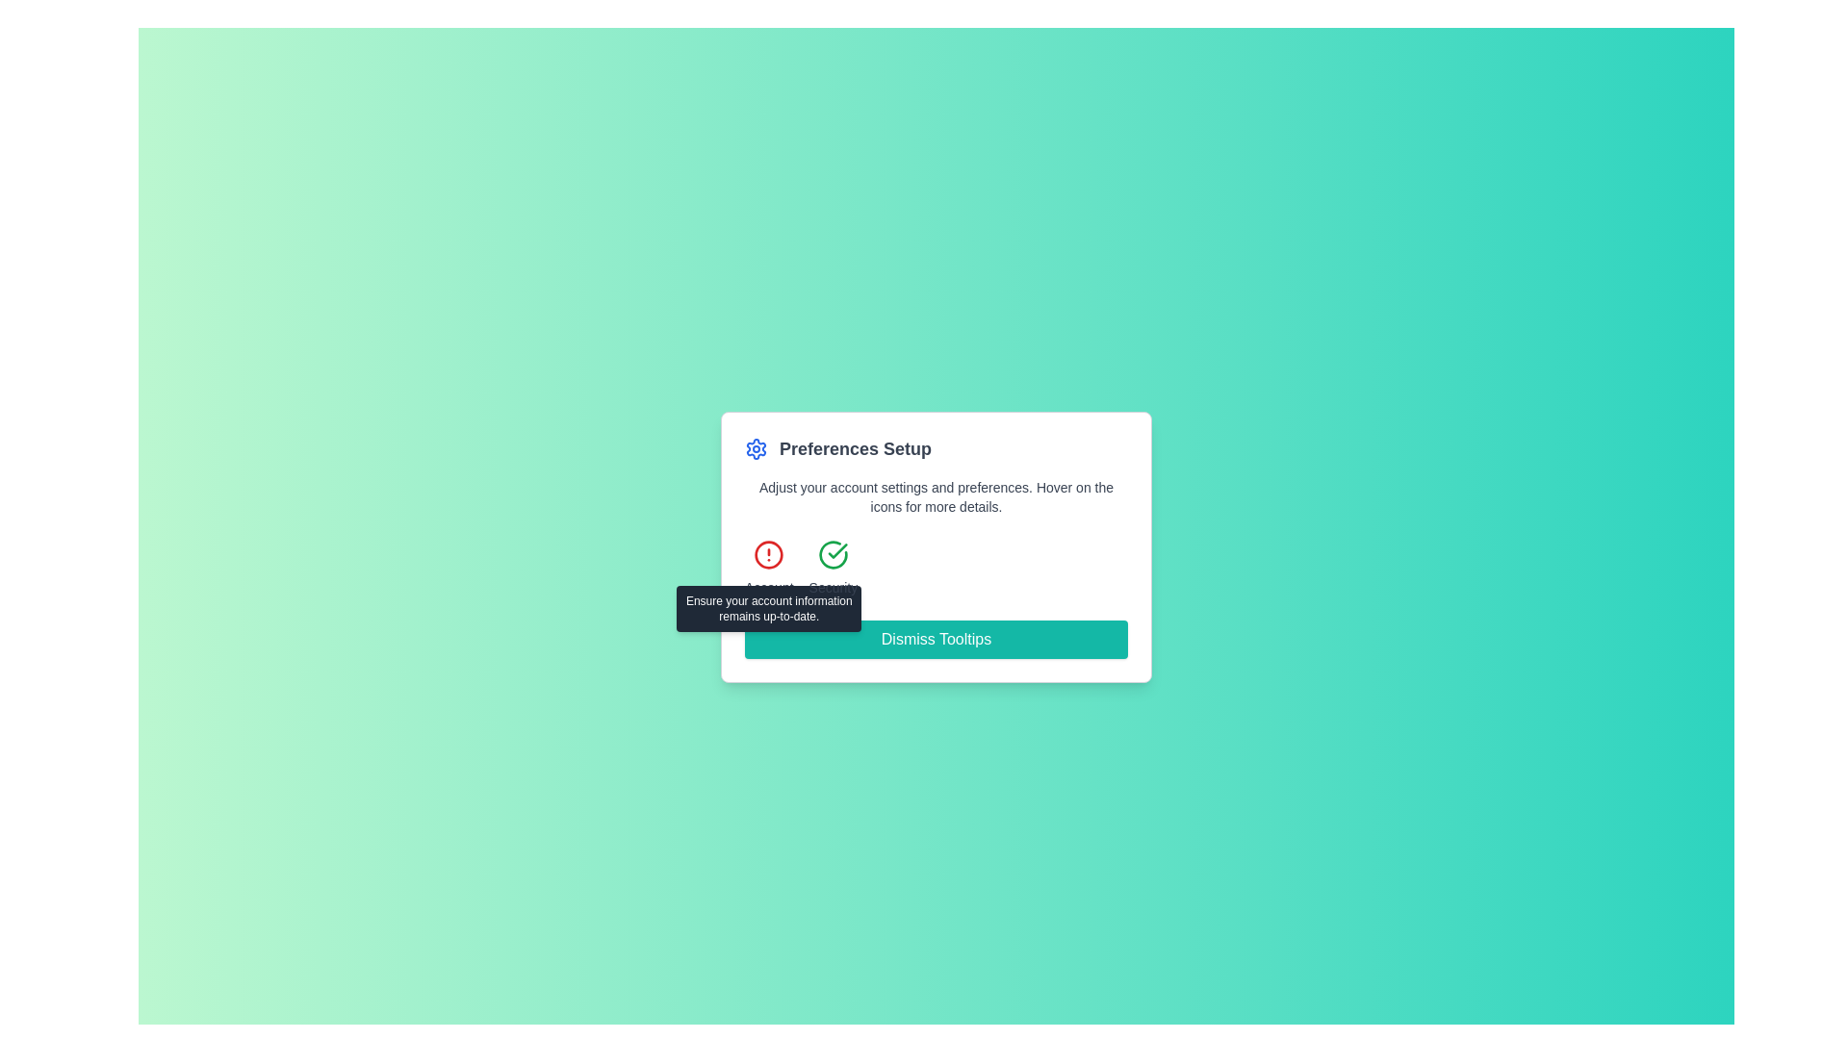  Describe the element at coordinates (768, 567) in the screenshot. I see `the Tooltip-trigger element with a warning icon and text 'Account'` at that location.